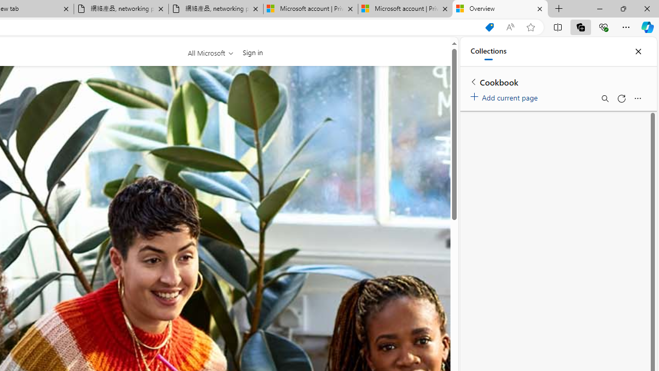 This screenshot has height=371, width=659. I want to click on 'Add current page', so click(506, 96).